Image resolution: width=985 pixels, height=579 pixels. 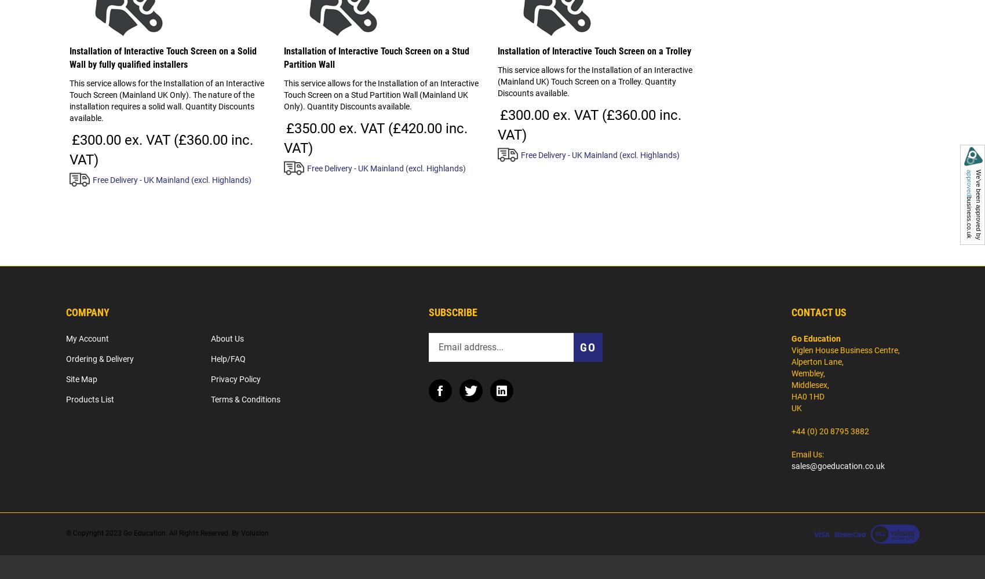 I want to click on 'About Us', so click(x=227, y=338).